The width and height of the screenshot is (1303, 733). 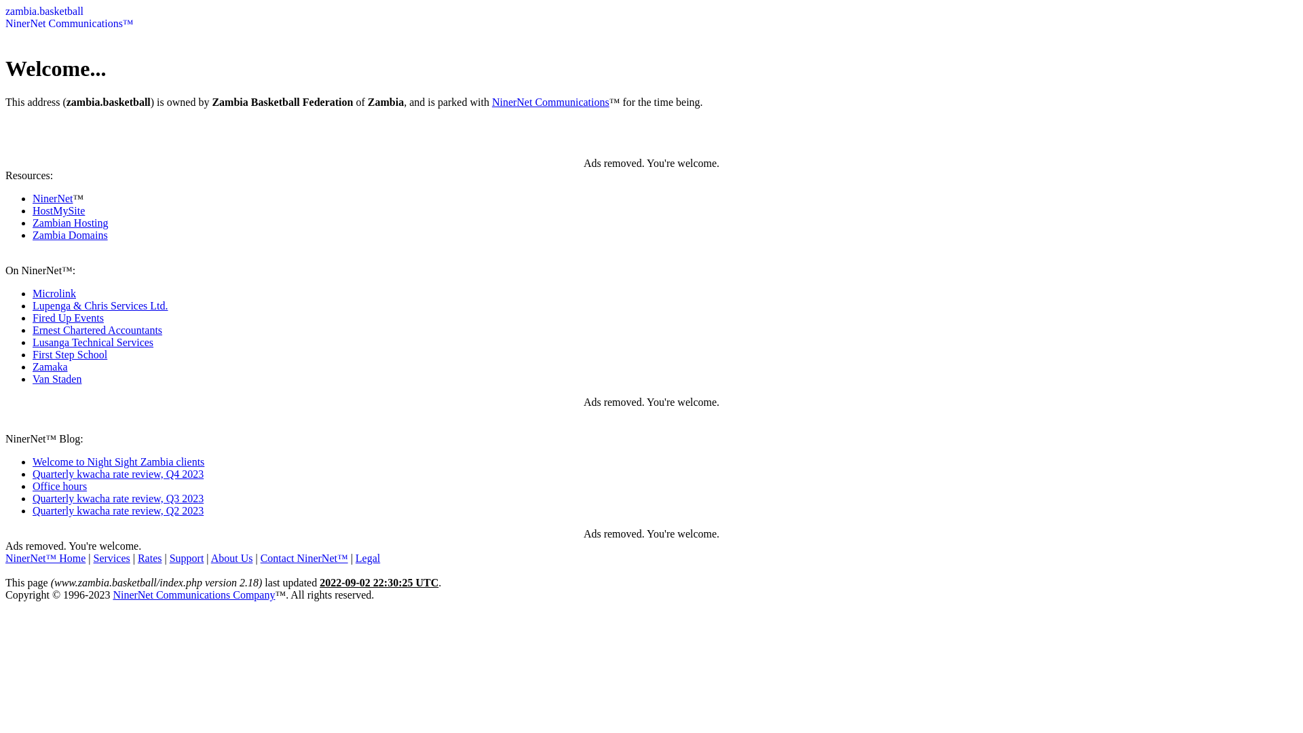 I want to click on 'Quarterly kwacha rate review, Q2 2023', so click(x=33, y=510).